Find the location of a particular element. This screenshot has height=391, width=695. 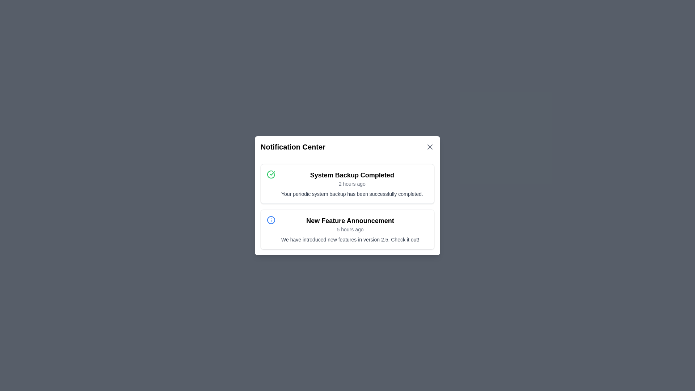

text content of the title in the notification card titled 'System Backup Completed', which indicates the successful completion of a system backup is located at coordinates (352, 175).